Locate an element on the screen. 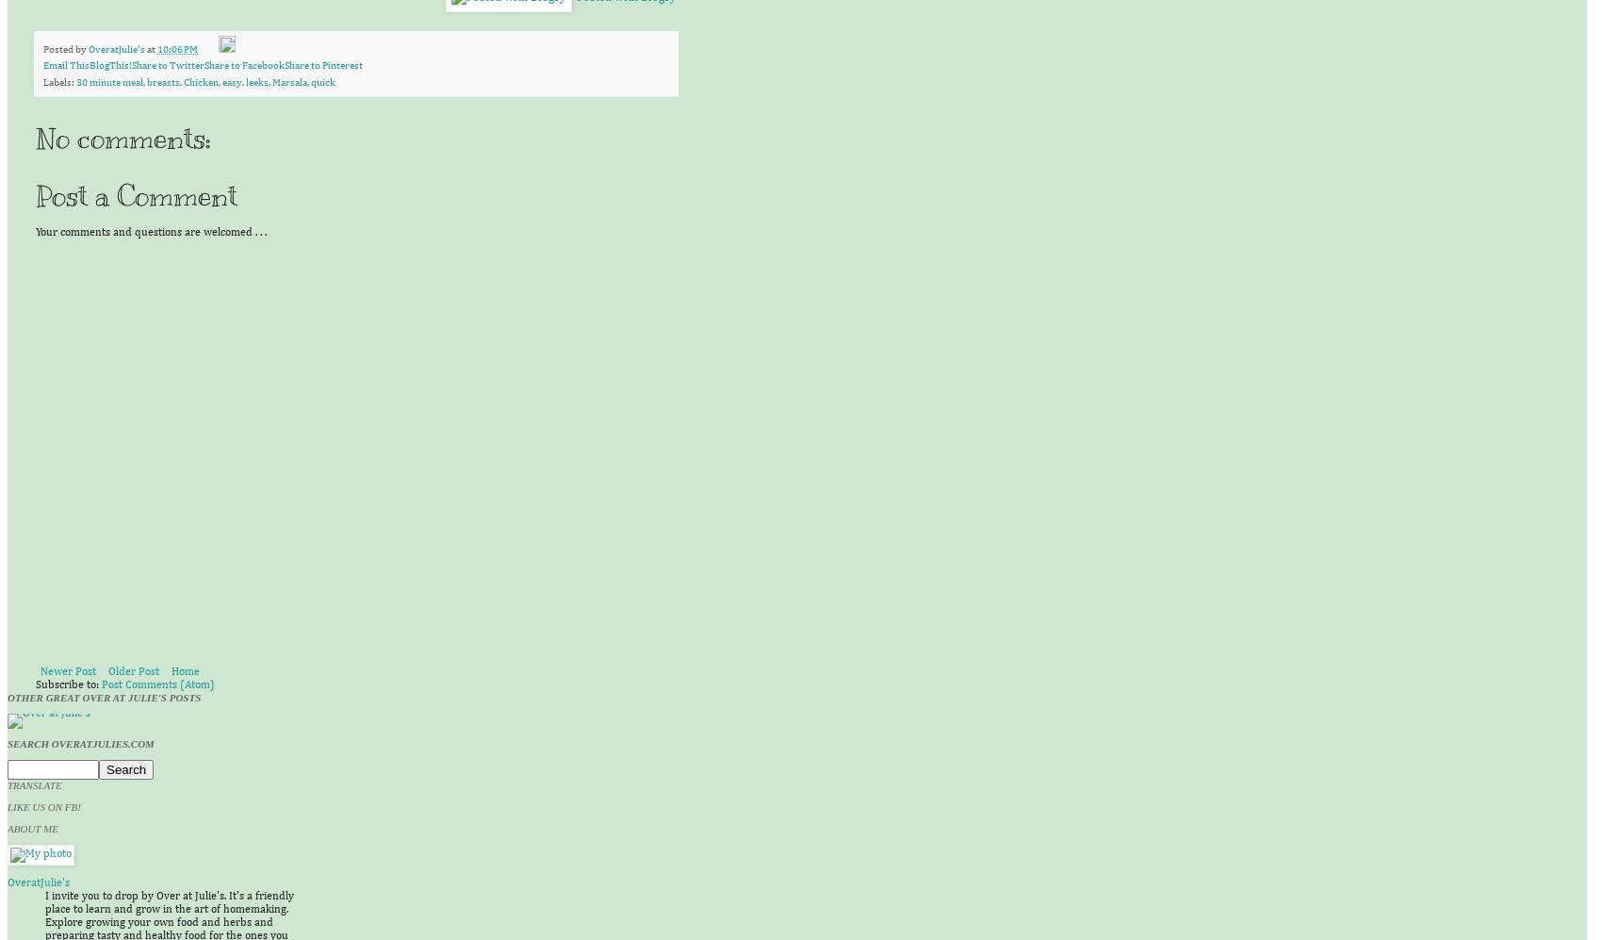 Image resolution: width=1602 pixels, height=940 pixels. 'Share to Twitter' is located at coordinates (167, 64).